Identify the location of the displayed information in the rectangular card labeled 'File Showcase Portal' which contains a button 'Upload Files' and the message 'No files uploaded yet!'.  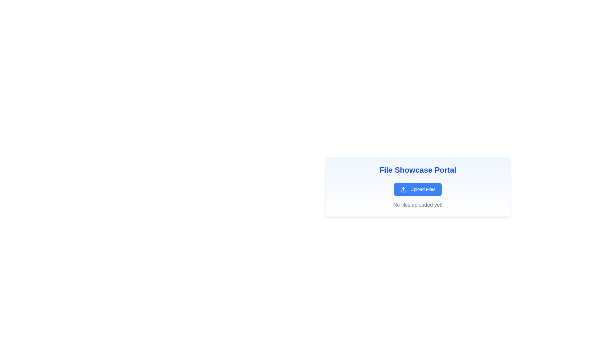
(418, 187).